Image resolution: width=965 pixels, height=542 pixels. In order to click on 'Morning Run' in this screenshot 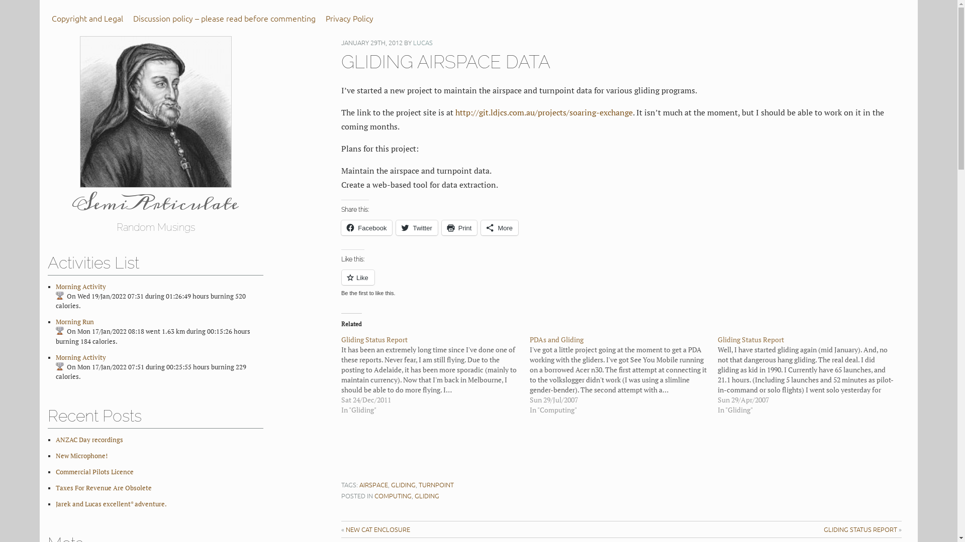, I will do `click(74, 322)`.